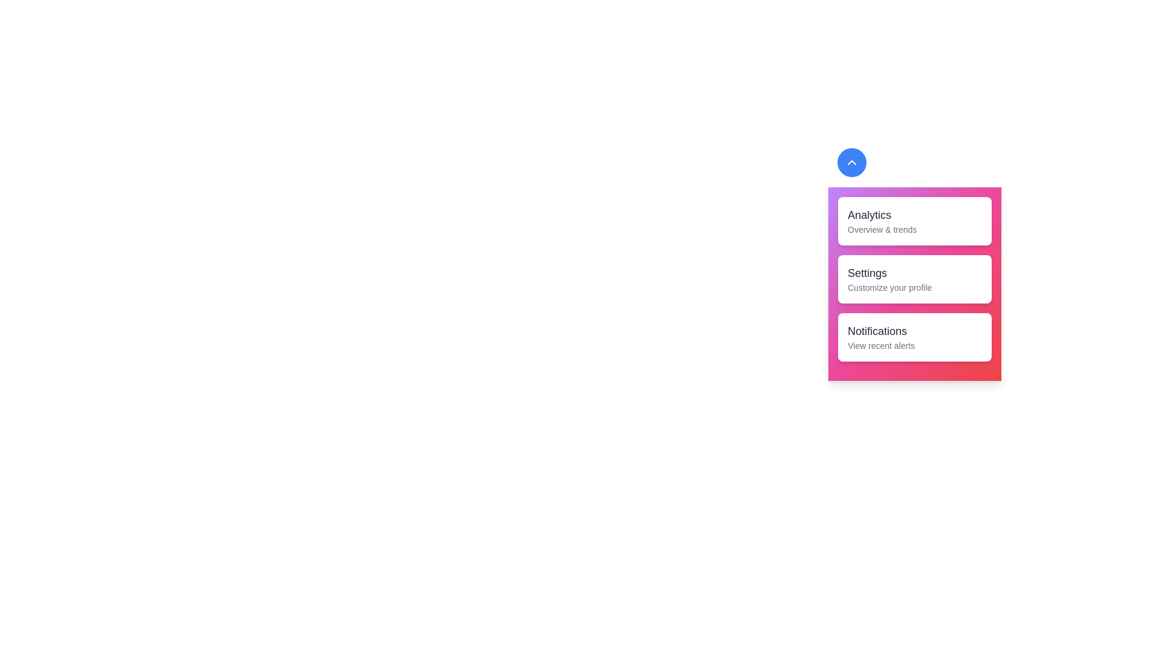 The width and height of the screenshot is (1161, 653). Describe the element at coordinates (914, 221) in the screenshot. I see `the Analytics card in the drawer` at that location.